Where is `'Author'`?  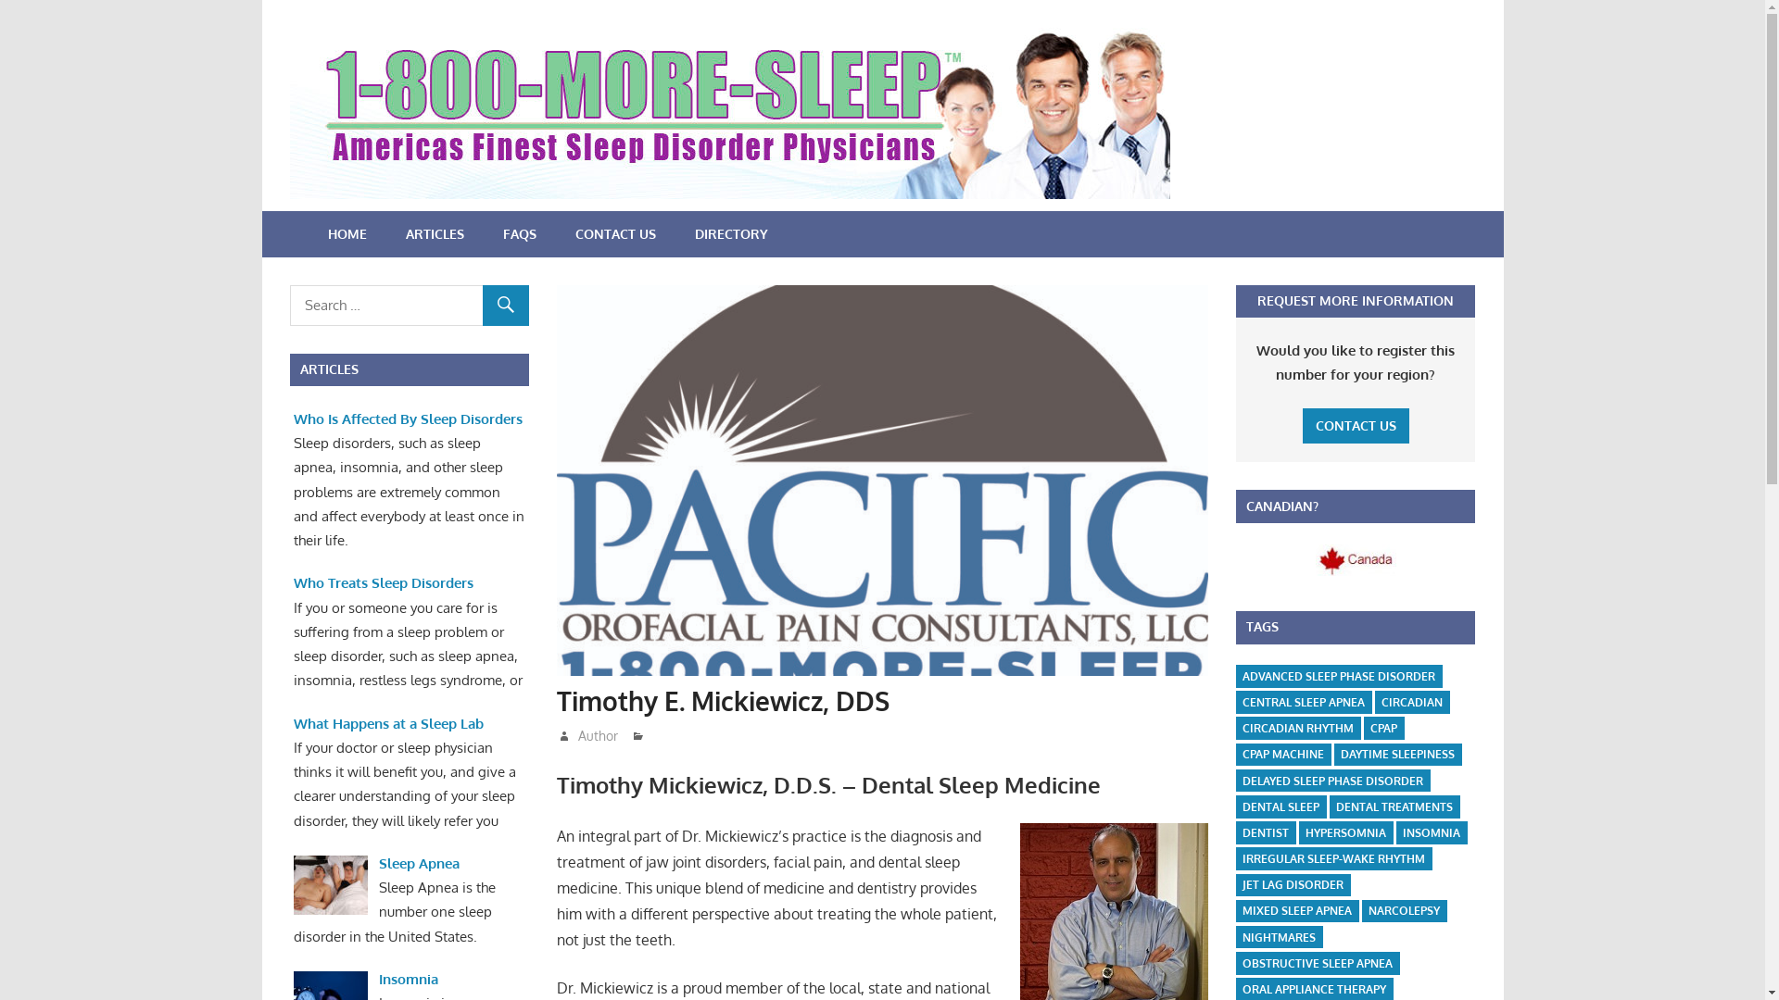
'Author' is located at coordinates (577, 734).